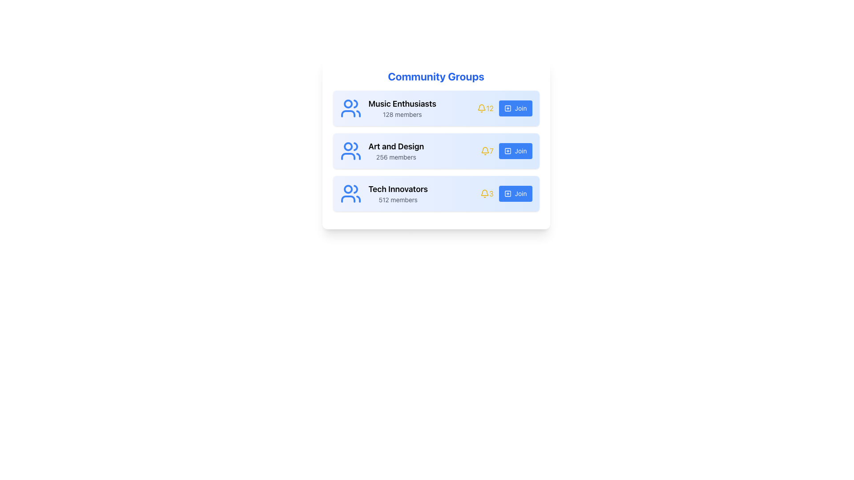  I want to click on the SVG circle element that represents the head of the leftmost figure in the Art and Design community group's icon, located in the second item of a vertically stacked list, so click(347, 146).